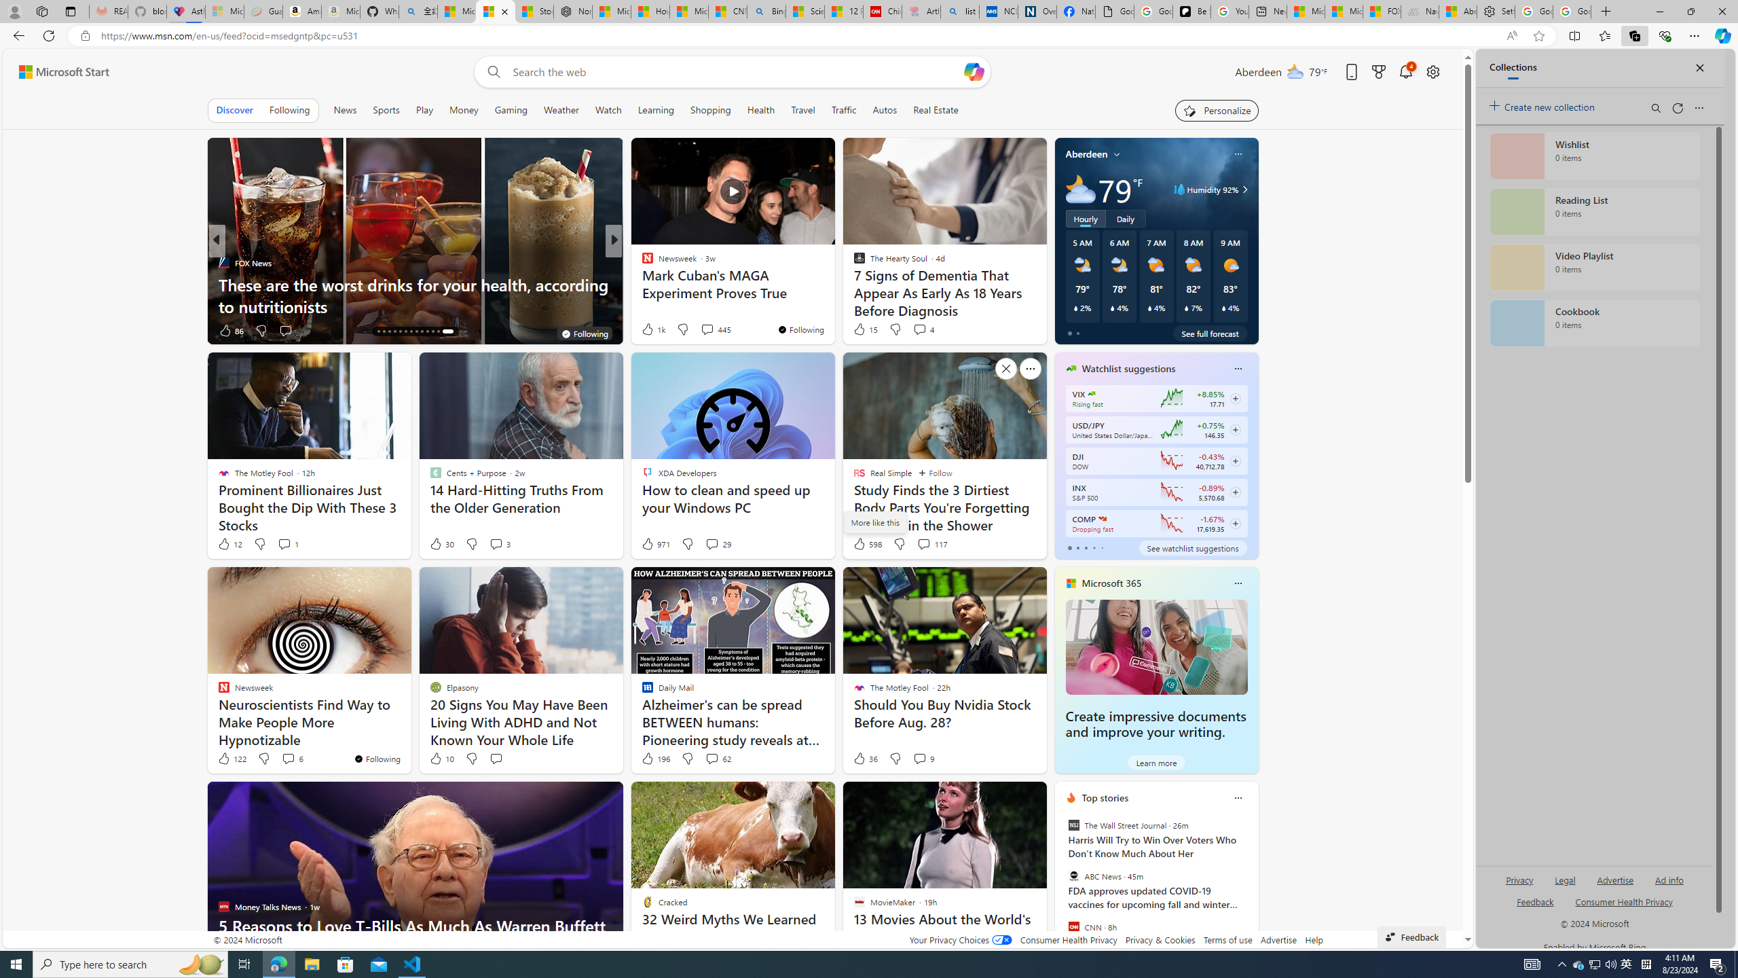 The image size is (1738, 978). I want to click on 'Shopping', so click(711, 109).